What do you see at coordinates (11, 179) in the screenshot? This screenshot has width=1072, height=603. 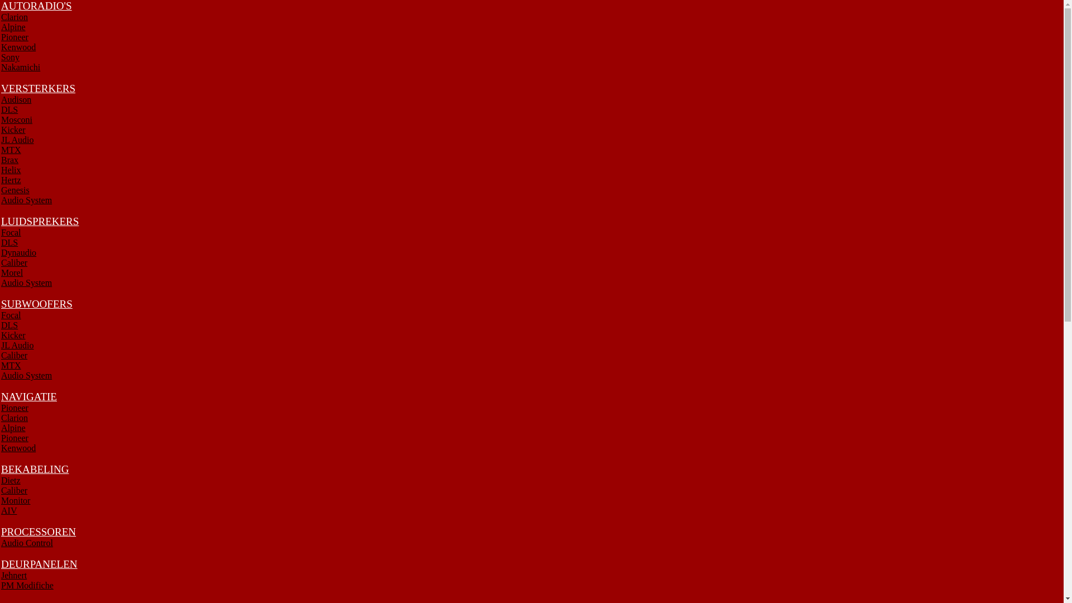 I see `'Hertz'` at bounding box center [11, 179].